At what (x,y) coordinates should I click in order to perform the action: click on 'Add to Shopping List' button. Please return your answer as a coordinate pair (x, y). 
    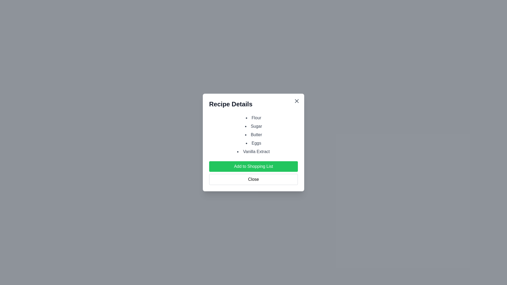
    Looking at the image, I should click on (253, 167).